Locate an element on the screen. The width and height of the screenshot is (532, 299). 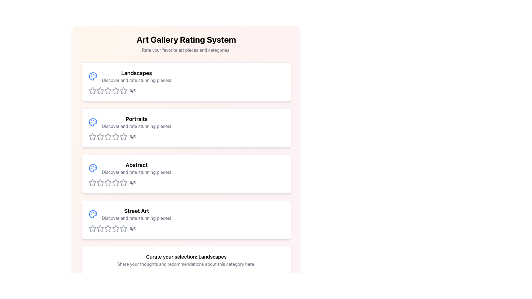
the third star from the left in the row of five stars under the 'Abstract' category to set a rating is located at coordinates (100, 182).